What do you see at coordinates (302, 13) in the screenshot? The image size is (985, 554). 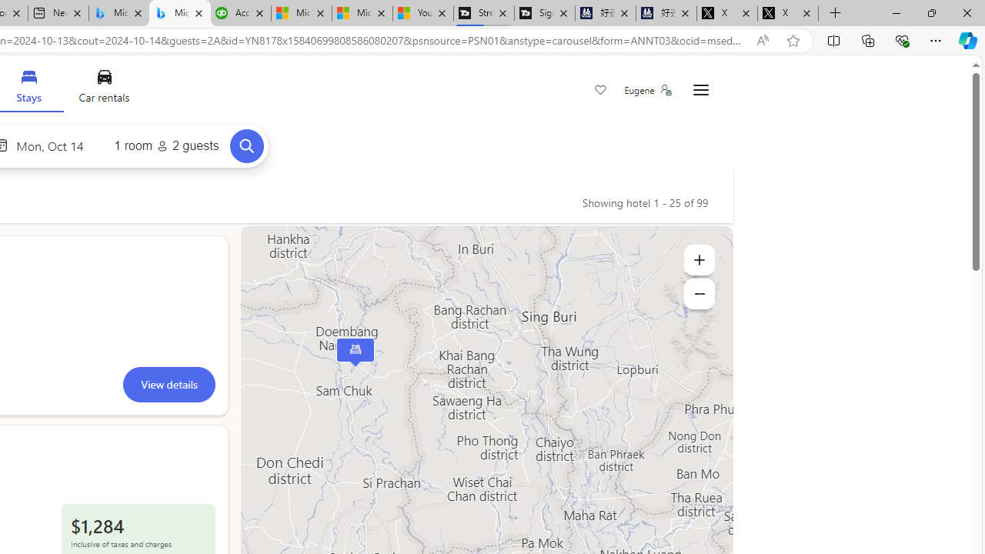 I see `'Microsoft Start Sports'` at bounding box center [302, 13].